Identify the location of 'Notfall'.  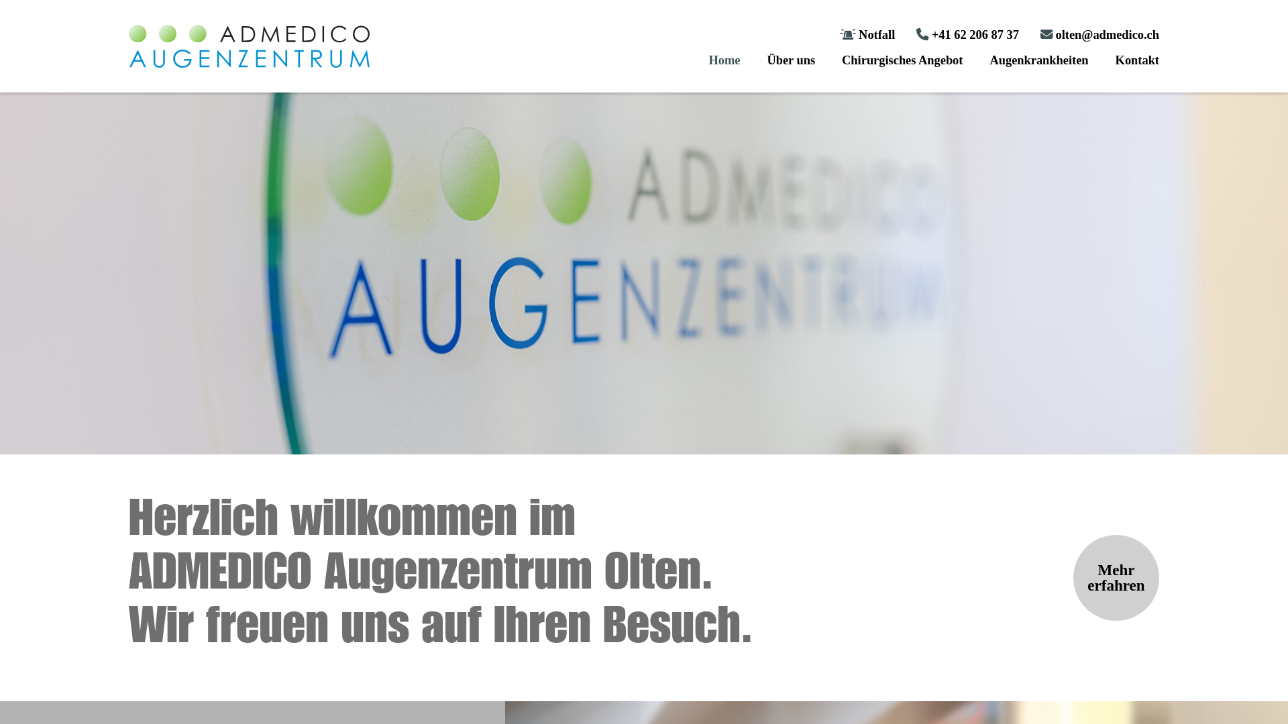
(867, 34).